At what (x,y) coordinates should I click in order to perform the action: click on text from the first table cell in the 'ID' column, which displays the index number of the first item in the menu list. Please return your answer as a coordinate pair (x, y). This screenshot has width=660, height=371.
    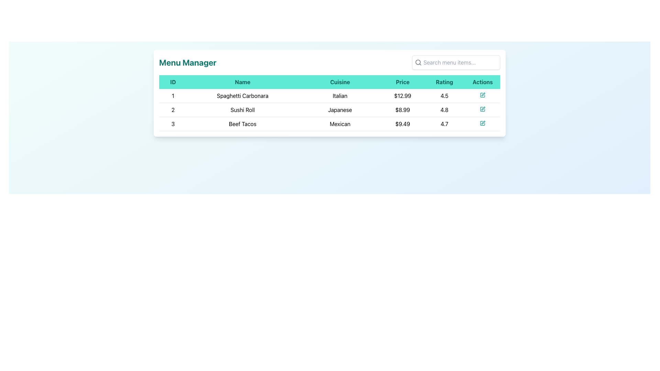
    Looking at the image, I should click on (173, 96).